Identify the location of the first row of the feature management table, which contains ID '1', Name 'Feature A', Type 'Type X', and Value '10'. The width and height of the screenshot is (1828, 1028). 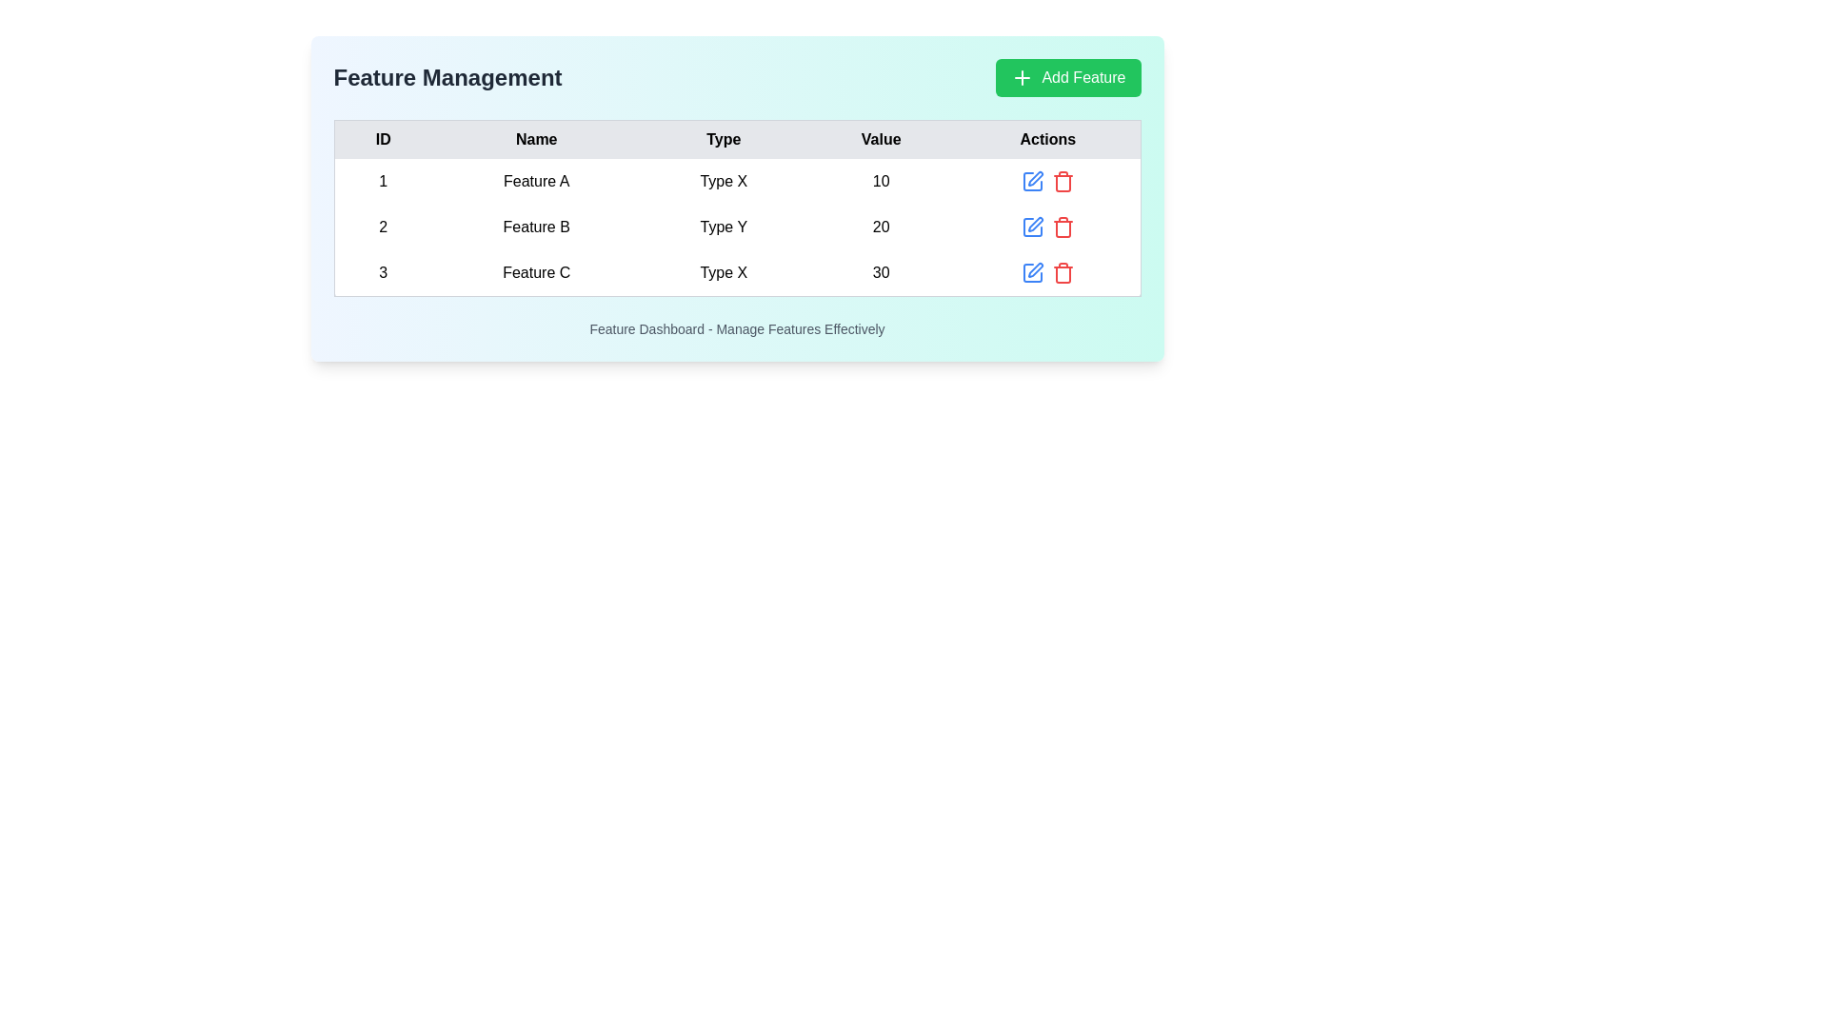
(736, 182).